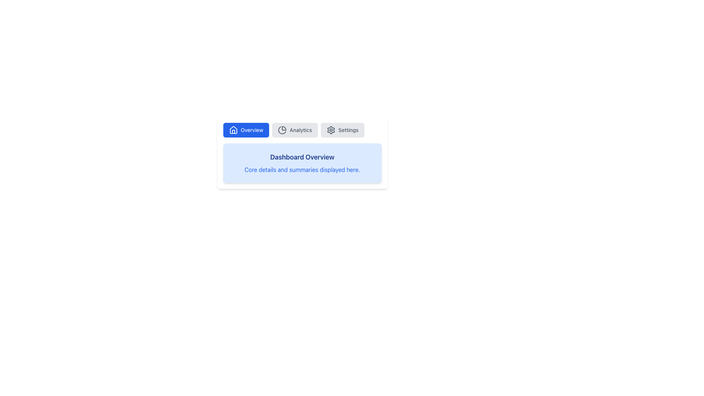 The width and height of the screenshot is (704, 396). I want to click on the blue button labeled for navigation to the Overview section, which is located near the top of the component and has an icon resembling a house to its left, so click(252, 129).